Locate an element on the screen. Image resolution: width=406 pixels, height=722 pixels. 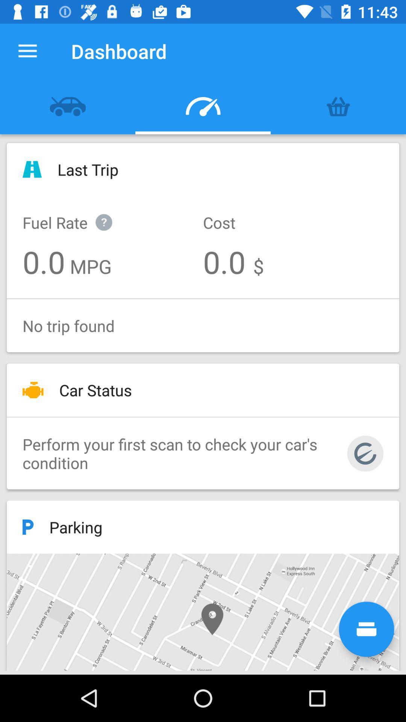
icon to the left of the cost icon is located at coordinates (75, 214).